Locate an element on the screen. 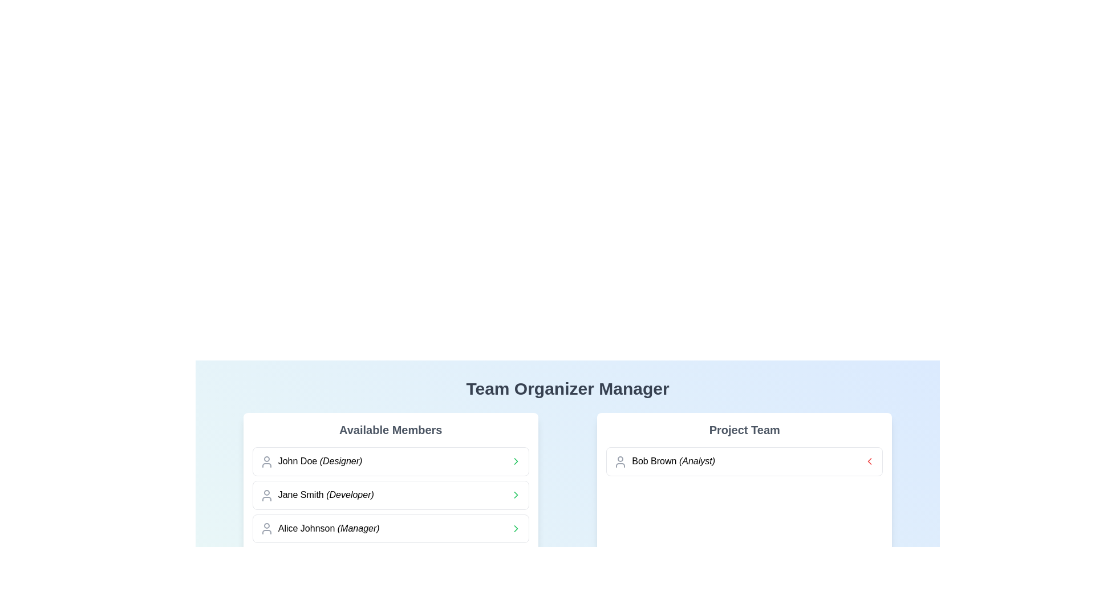  the user profile icon represented by a minimalistic circular head and torso outline, located in the second row under 'Available Members' in the Team Organizer Manager interface, to the left of 'Jane Smith (Developer)' is located at coordinates (266, 495).